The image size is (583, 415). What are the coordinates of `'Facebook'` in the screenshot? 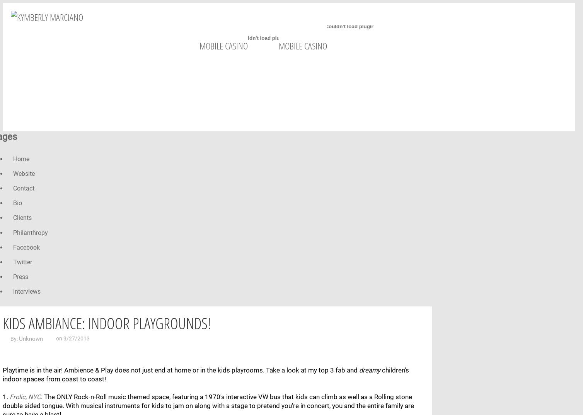 It's located at (26, 247).